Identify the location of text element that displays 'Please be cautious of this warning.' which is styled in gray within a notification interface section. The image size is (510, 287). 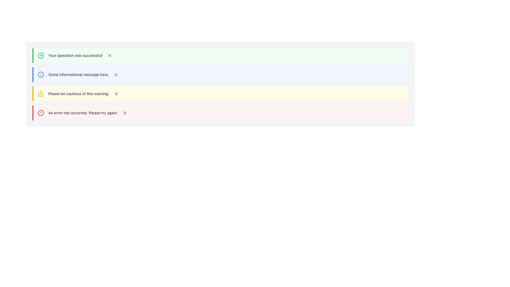
(78, 94).